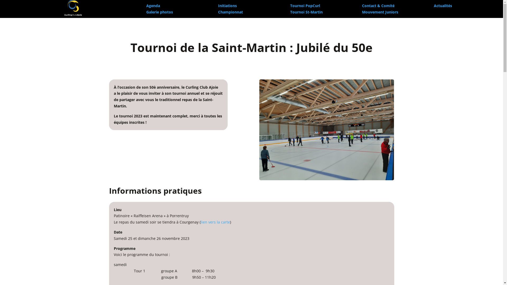 The height and width of the screenshot is (285, 507). What do you see at coordinates (153, 6) in the screenshot?
I see `'Agenda'` at bounding box center [153, 6].